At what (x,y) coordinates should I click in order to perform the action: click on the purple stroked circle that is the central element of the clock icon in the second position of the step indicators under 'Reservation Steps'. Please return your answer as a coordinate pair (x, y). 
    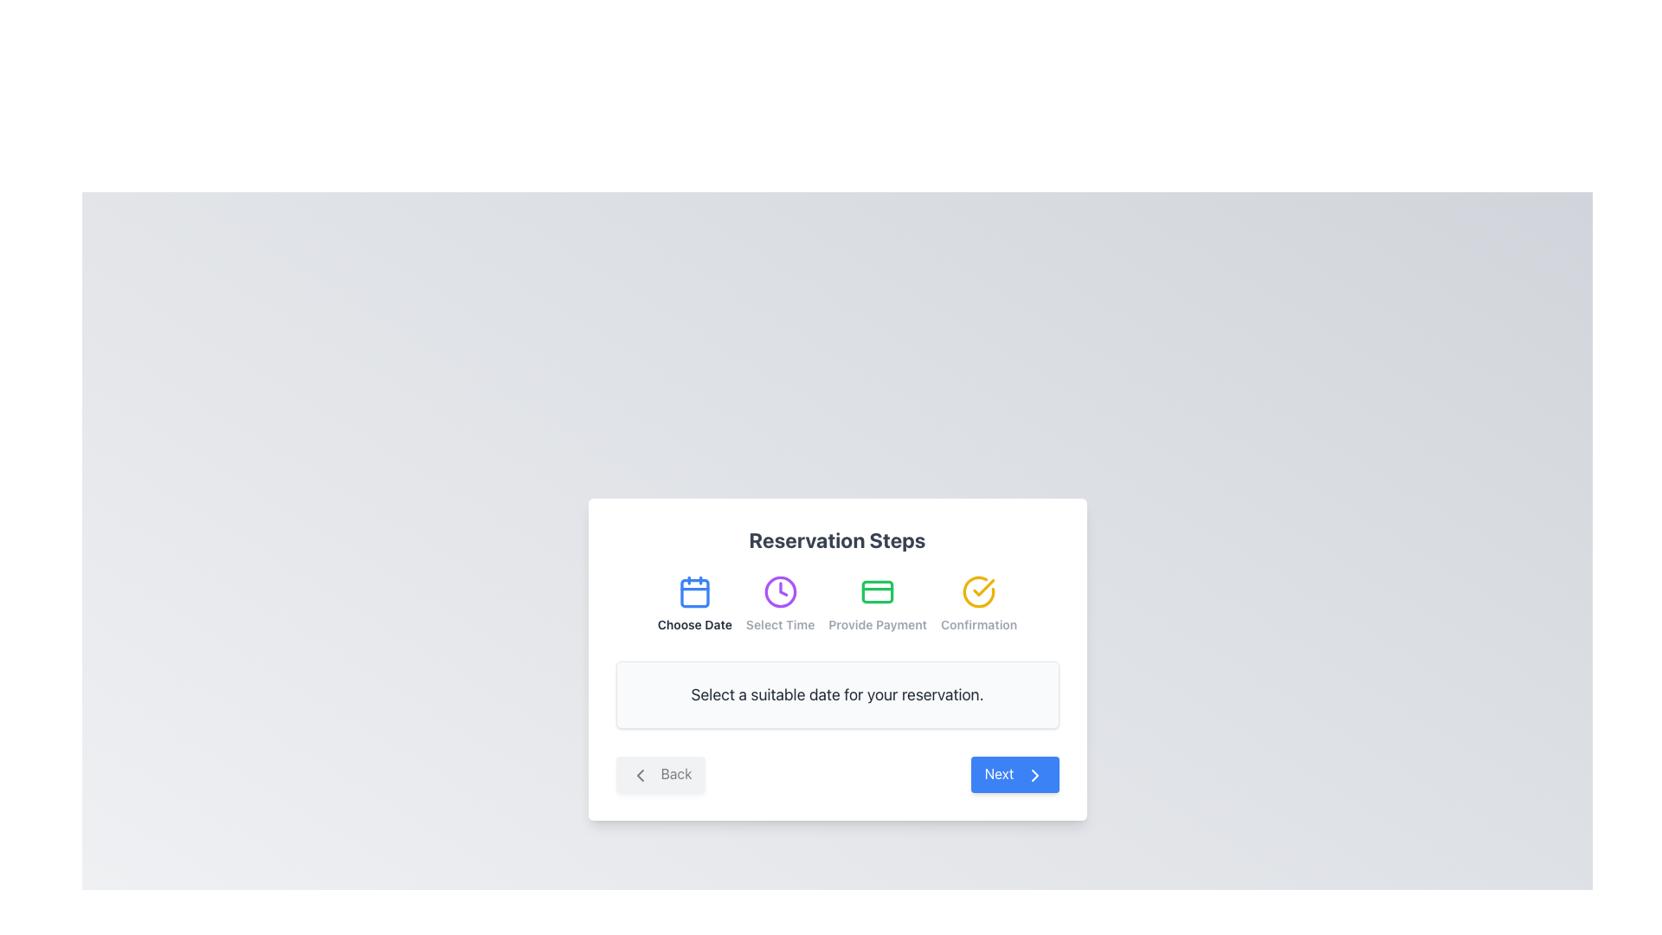
    Looking at the image, I should click on (779, 591).